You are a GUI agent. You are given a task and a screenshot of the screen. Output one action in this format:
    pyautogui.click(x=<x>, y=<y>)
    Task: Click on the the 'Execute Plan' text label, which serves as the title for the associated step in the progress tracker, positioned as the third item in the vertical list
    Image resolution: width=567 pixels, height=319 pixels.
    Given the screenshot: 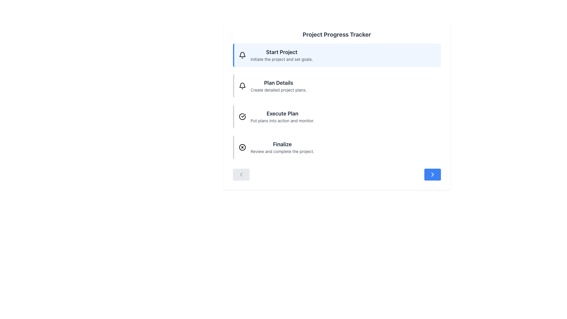 What is the action you would take?
    pyautogui.click(x=282, y=114)
    